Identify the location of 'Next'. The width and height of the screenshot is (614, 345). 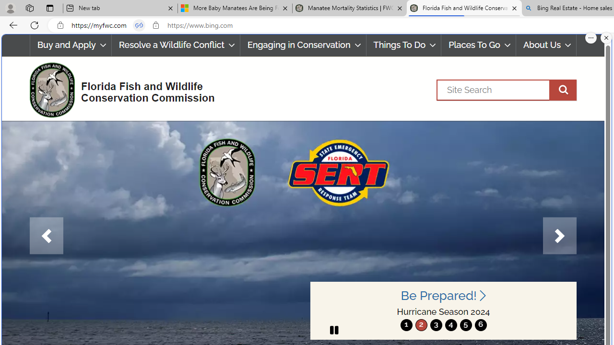
(559, 236).